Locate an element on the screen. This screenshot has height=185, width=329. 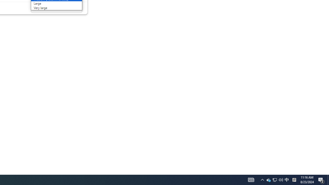
'Very large' is located at coordinates (50, 8).